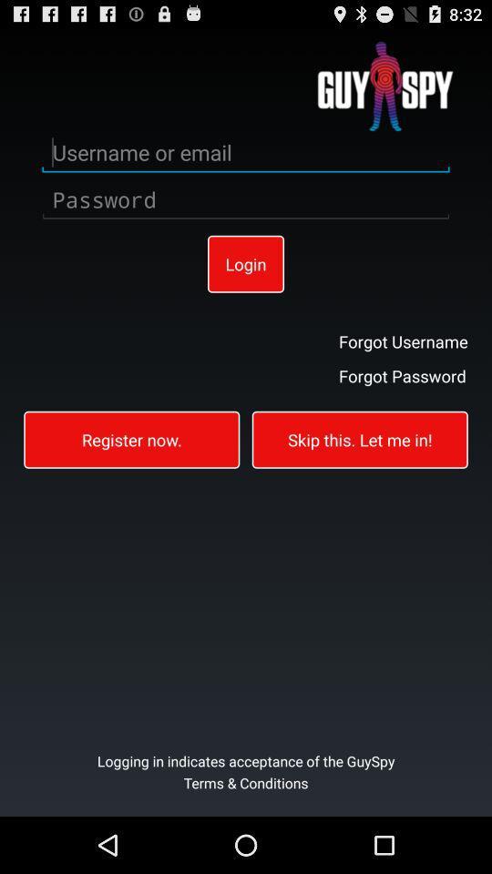  Describe the element at coordinates (403, 374) in the screenshot. I see `forgot password` at that location.